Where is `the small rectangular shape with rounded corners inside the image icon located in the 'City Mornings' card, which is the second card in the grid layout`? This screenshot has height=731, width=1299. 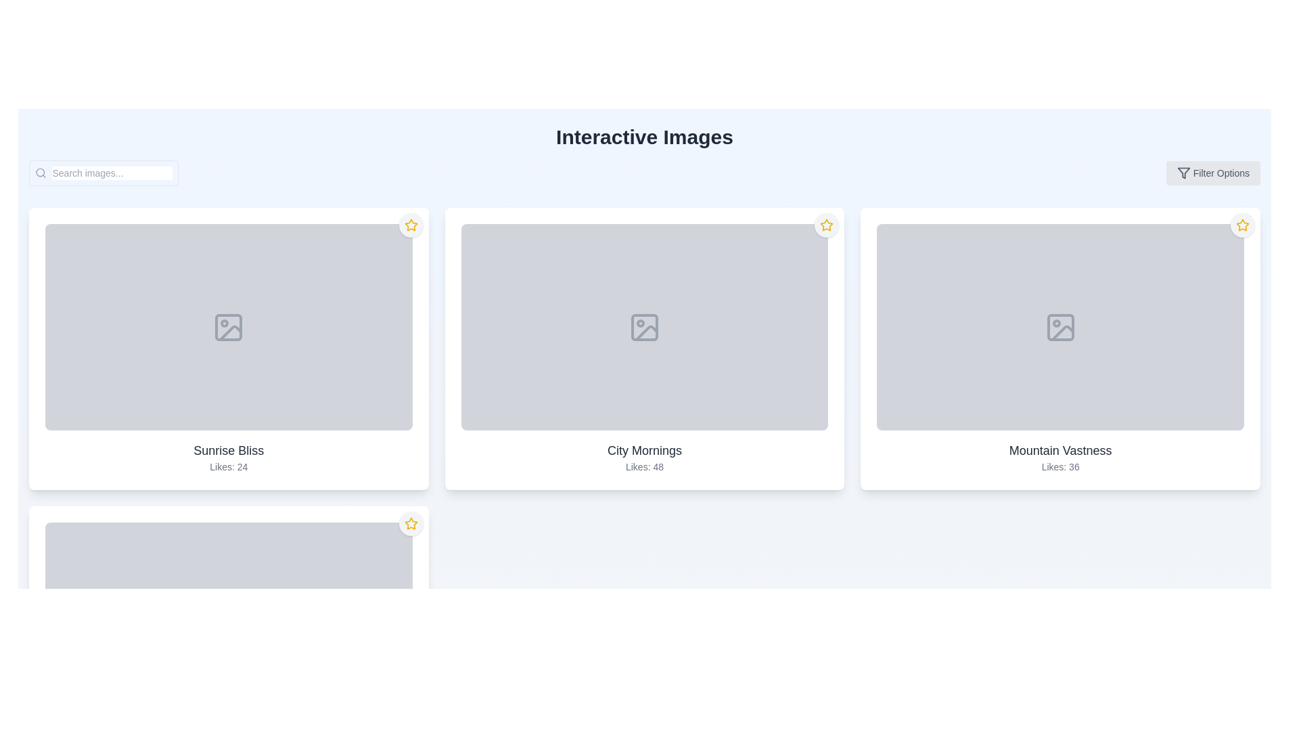 the small rectangular shape with rounded corners inside the image icon located in the 'City Mornings' card, which is the second card in the grid layout is located at coordinates (643, 327).